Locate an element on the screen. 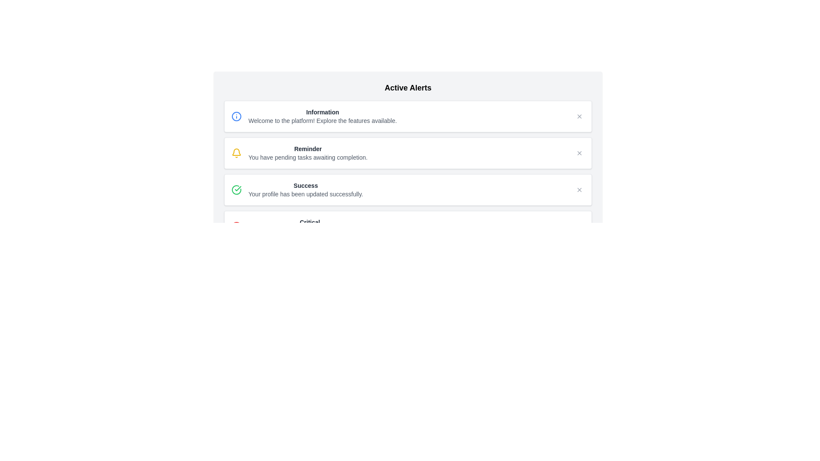 The height and width of the screenshot is (461, 820). the static text label that indicates 'Critical' in the alert section, which emphasizes the importance of verifying your email is located at coordinates (309, 222).